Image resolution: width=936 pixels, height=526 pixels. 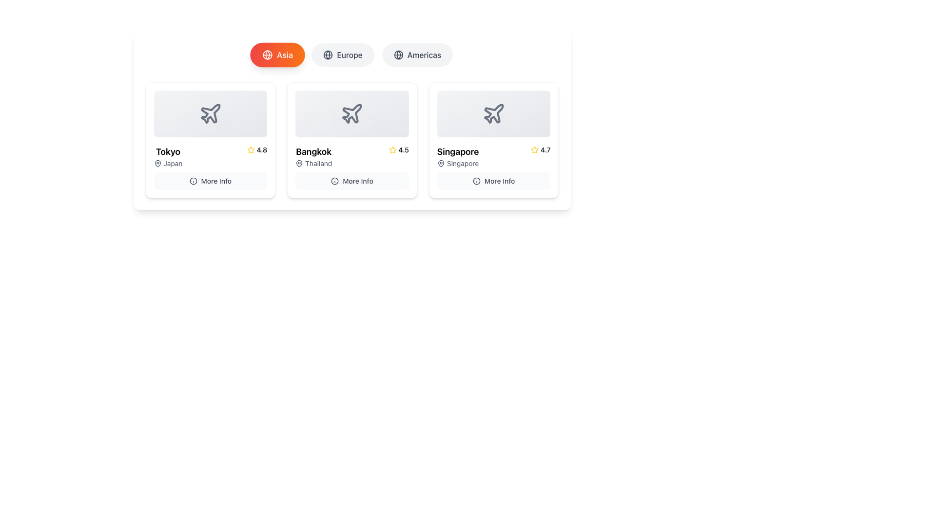 I want to click on the globe icon representing the 'Americas' button to trigger the hover effects, so click(x=398, y=55).